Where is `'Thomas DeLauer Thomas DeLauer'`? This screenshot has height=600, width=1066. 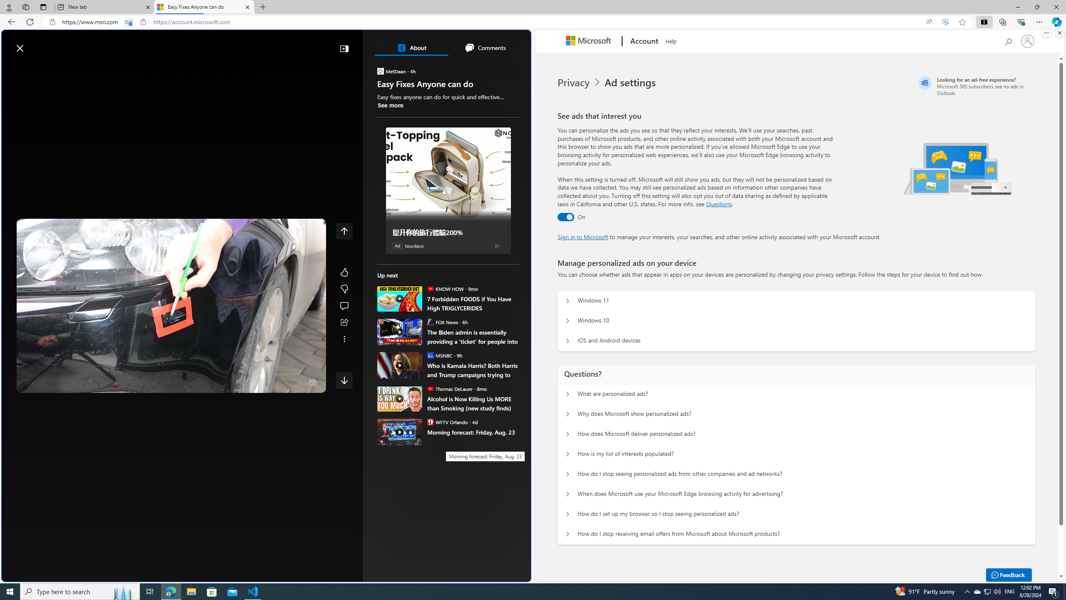
'Thomas DeLauer Thomas DeLauer' is located at coordinates (449, 388).